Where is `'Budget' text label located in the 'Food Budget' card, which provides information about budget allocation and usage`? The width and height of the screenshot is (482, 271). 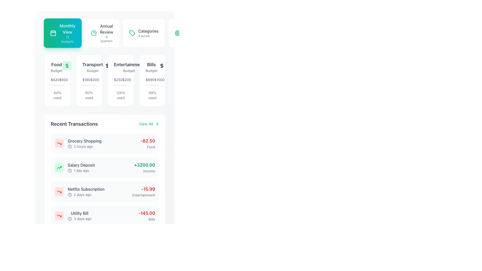 'Budget' text label located in the 'Food Budget' card, which provides information about budget allocation and usage is located at coordinates (57, 82).